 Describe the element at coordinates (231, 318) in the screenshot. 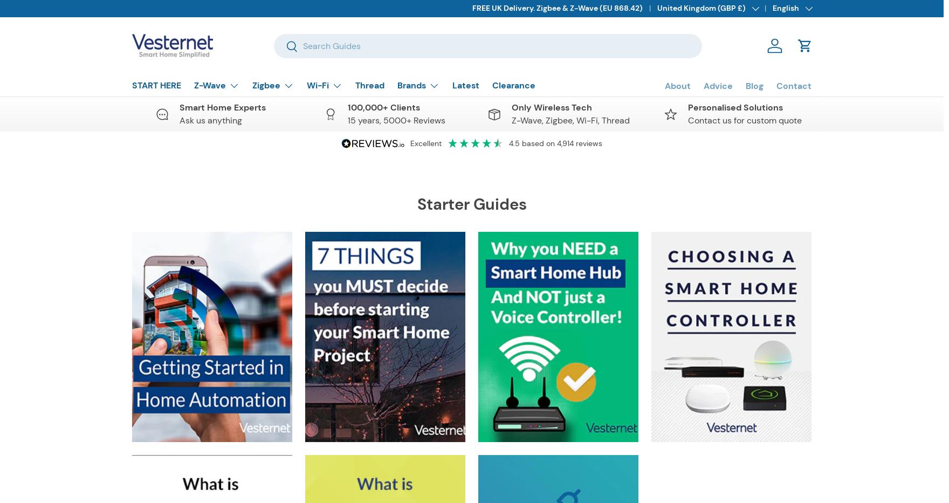

I see `'Blinds, Curtains & Motors'` at that location.